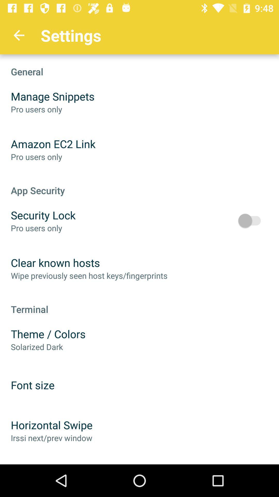  What do you see at coordinates (19, 35) in the screenshot?
I see `icon above general icon` at bounding box center [19, 35].